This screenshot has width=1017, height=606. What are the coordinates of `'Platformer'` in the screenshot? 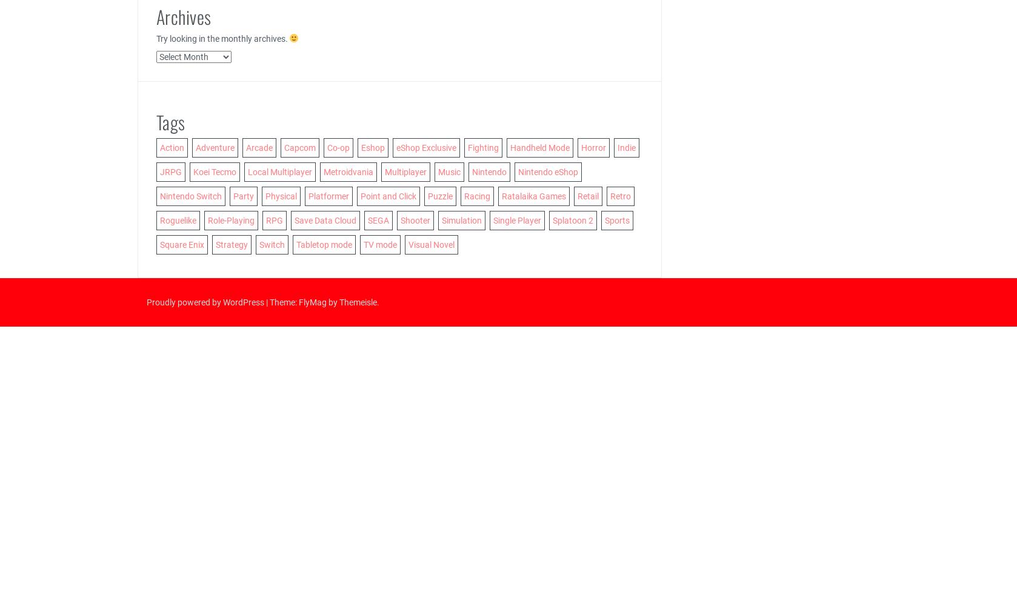 It's located at (327, 195).